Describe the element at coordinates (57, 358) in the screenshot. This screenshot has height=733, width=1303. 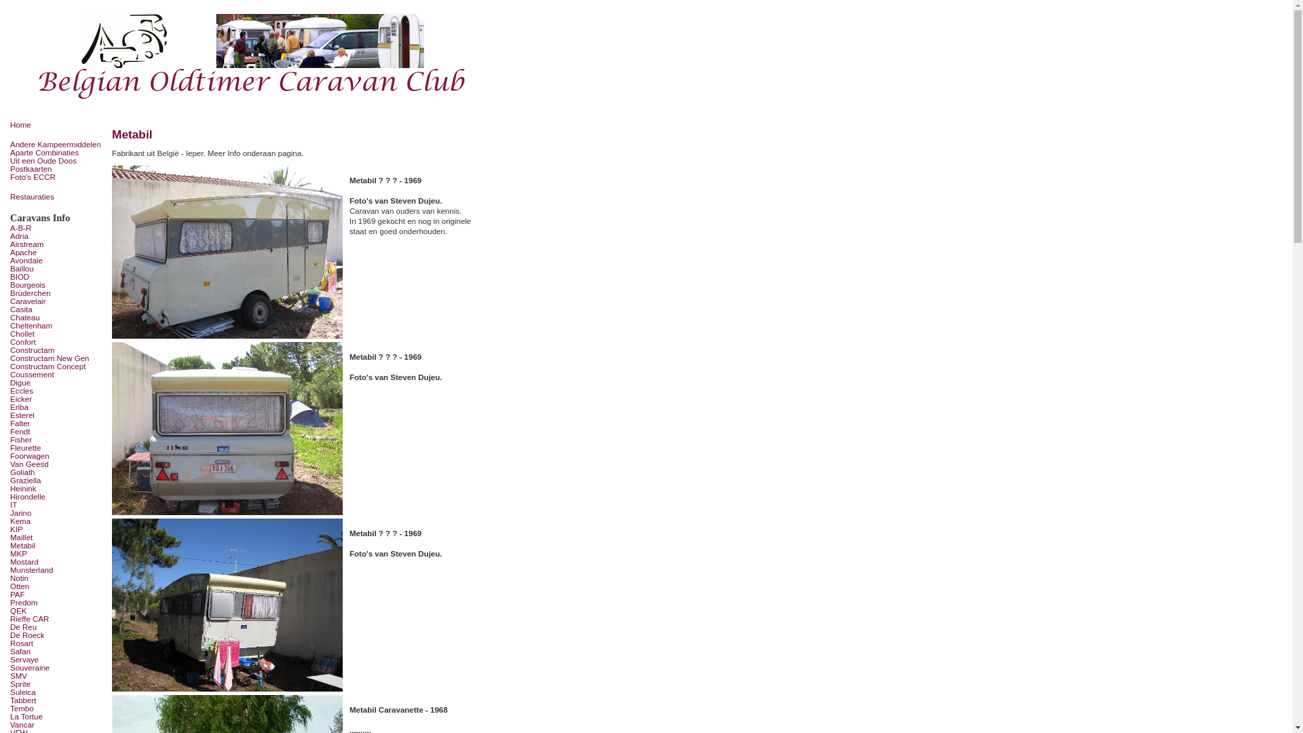
I see `'Constructam New Gen'` at that location.